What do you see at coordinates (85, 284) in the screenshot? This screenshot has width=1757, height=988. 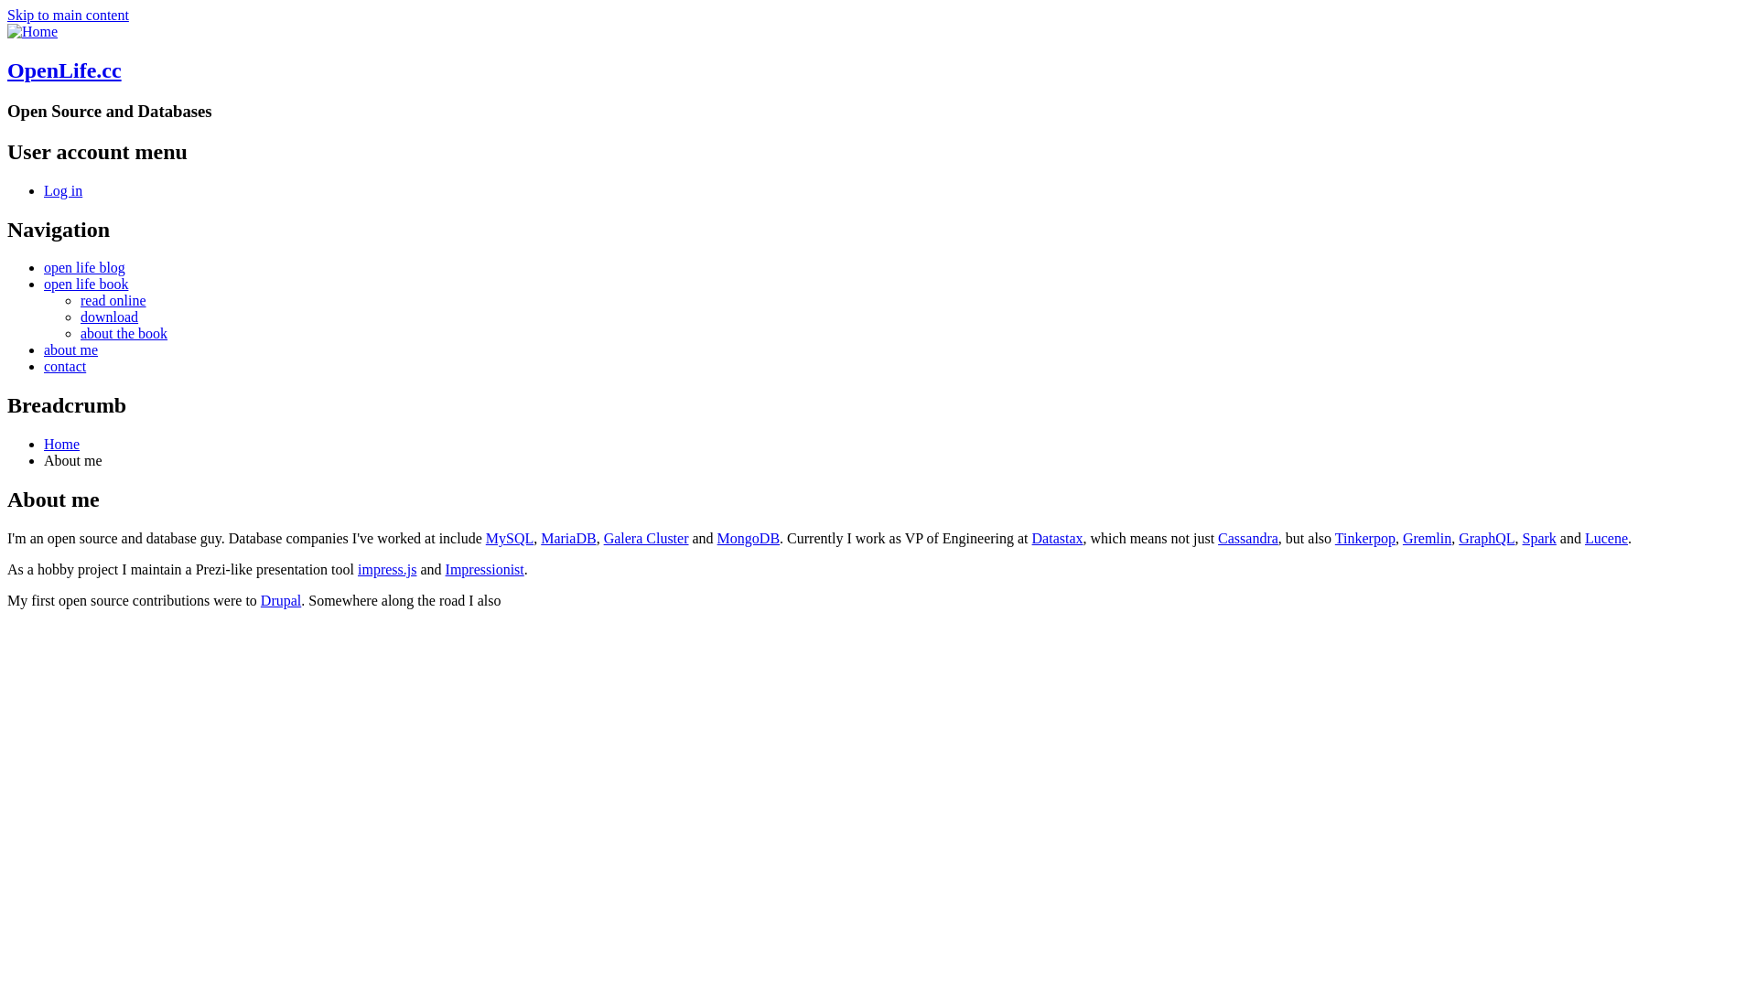 I see `'open life book'` at bounding box center [85, 284].